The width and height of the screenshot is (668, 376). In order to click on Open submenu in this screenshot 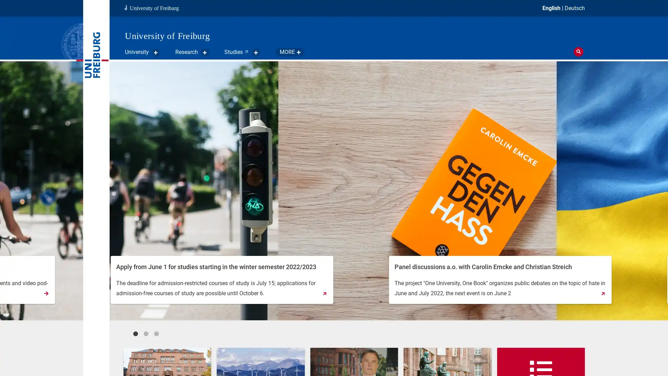, I will do `click(315, 52)`.